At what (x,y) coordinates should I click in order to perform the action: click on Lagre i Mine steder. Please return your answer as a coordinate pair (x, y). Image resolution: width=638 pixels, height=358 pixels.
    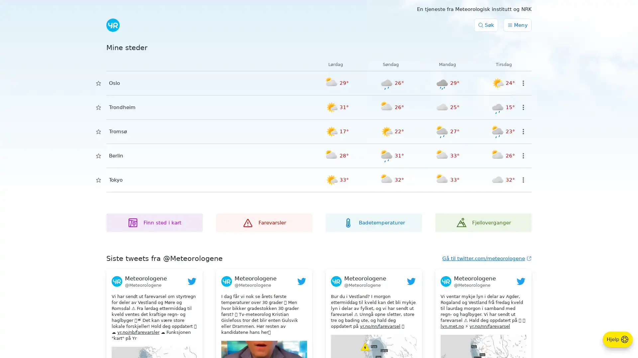
    Looking at the image, I should click on (98, 83).